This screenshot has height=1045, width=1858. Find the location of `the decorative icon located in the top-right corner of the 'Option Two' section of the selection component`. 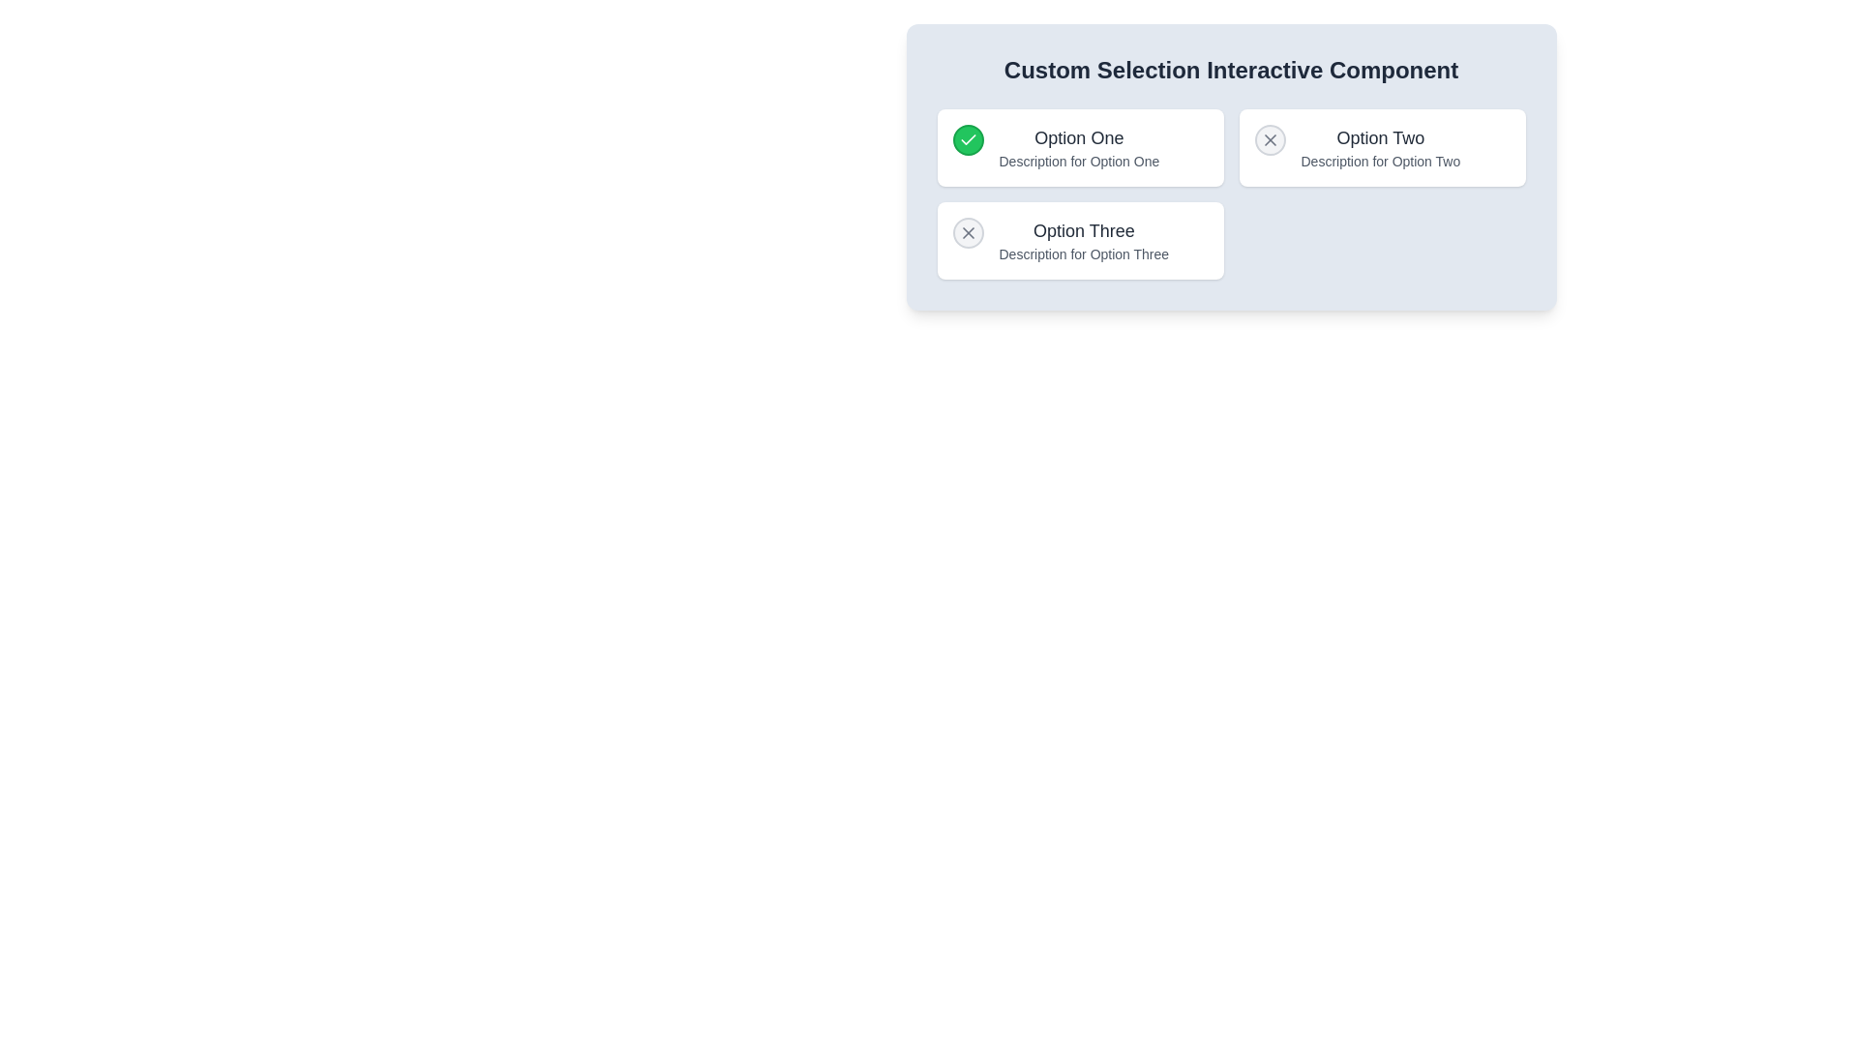

the decorative icon located in the top-right corner of the 'Option Two' section of the selection component is located at coordinates (1270, 139).